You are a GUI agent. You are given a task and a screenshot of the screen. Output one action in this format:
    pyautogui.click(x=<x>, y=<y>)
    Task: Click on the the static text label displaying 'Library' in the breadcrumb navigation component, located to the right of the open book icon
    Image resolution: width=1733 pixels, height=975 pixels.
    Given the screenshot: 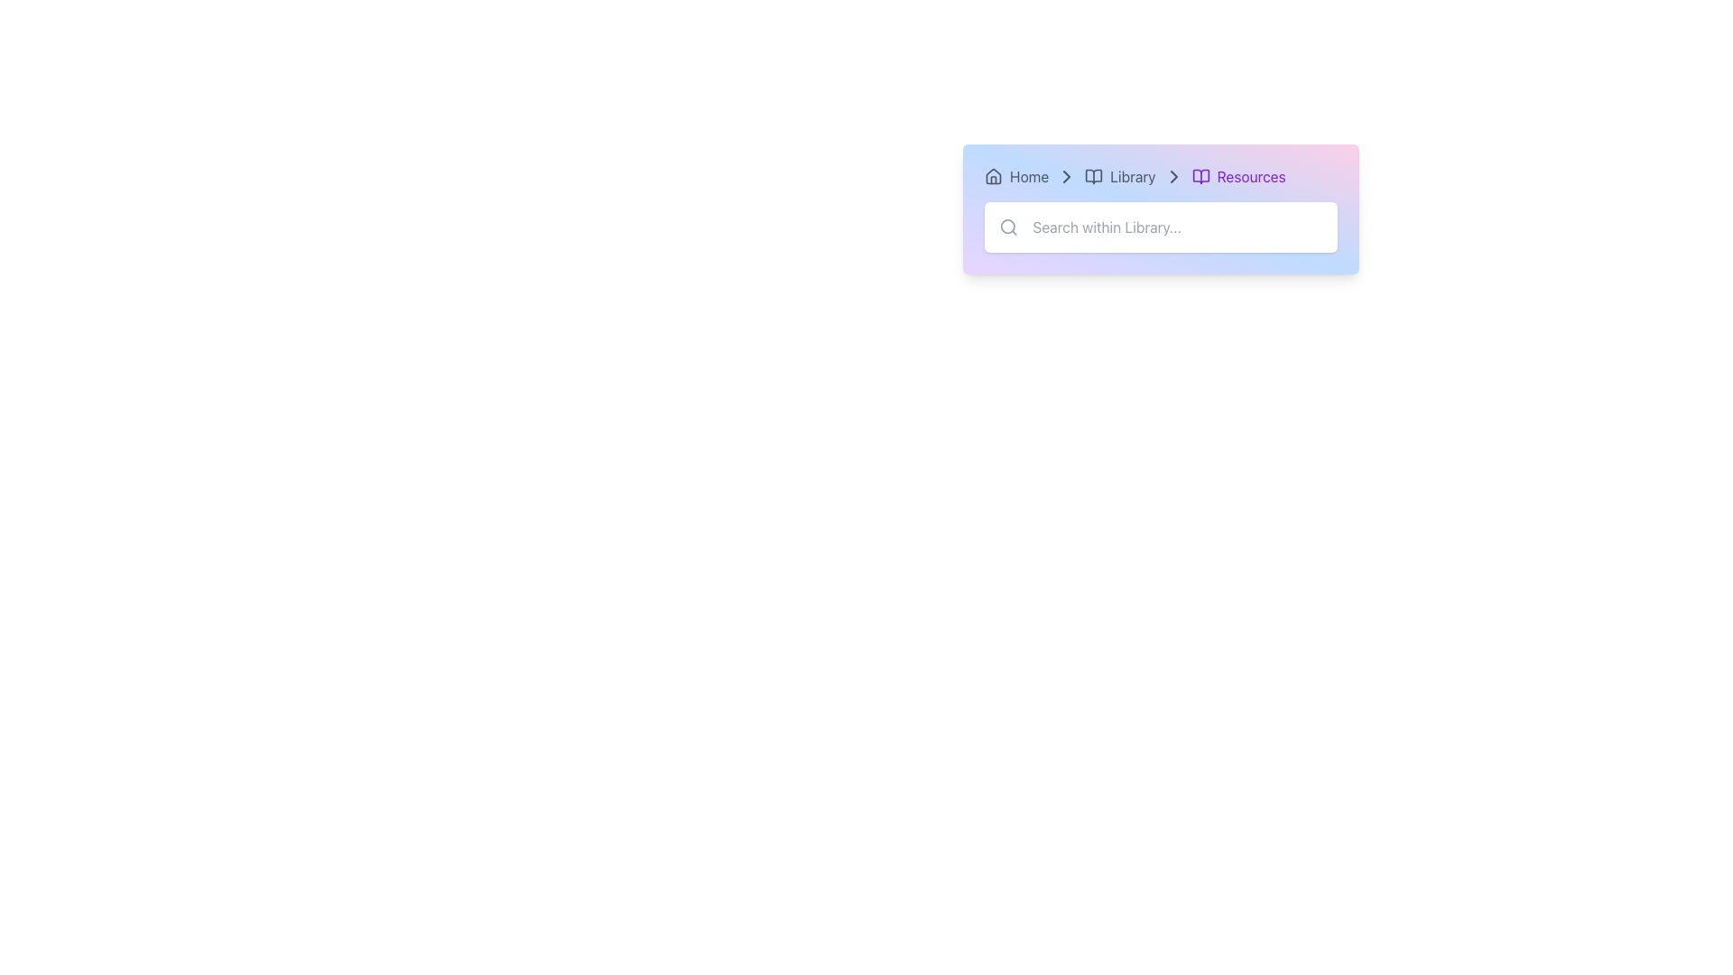 What is the action you would take?
    pyautogui.click(x=1132, y=177)
    